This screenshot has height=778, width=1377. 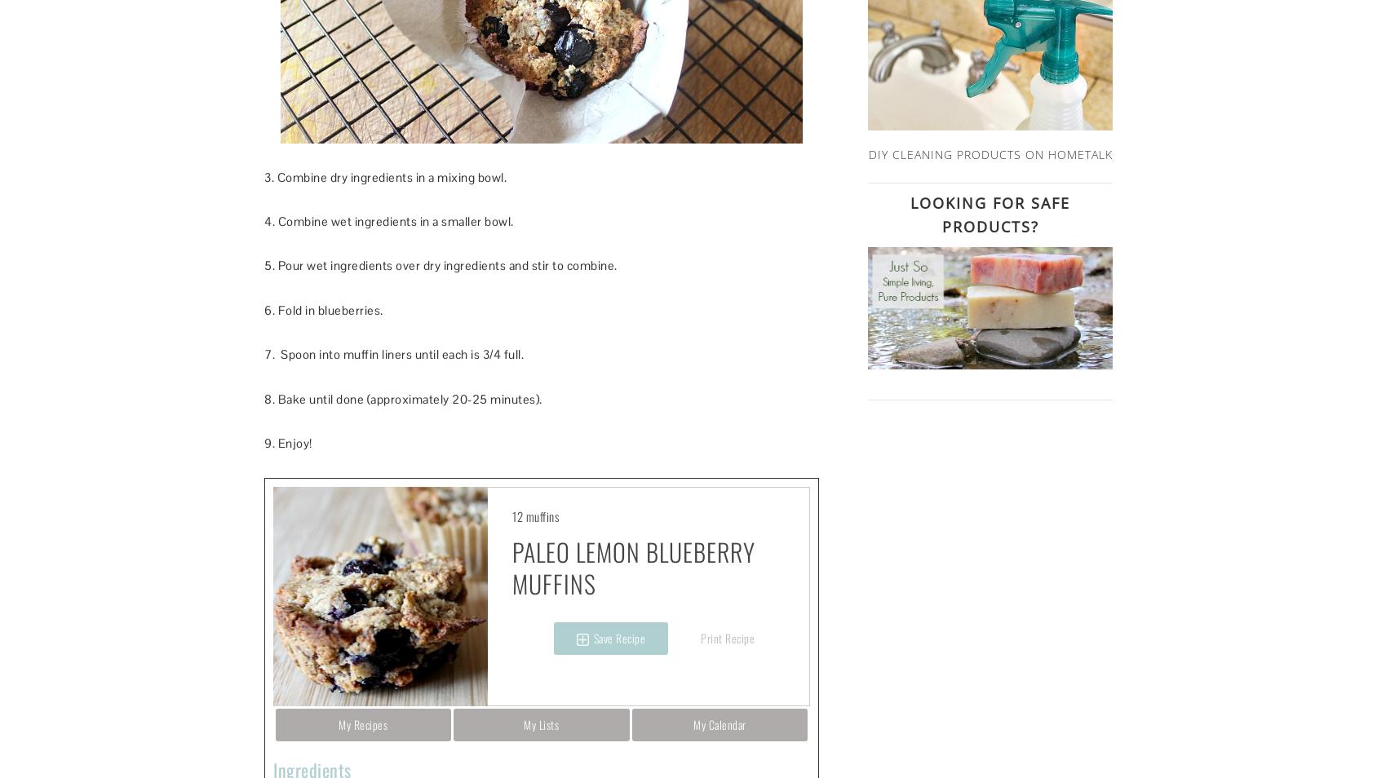 What do you see at coordinates (693, 724) in the screenshot?
I see `'My Calendar'` at bounding box center [693, 724].